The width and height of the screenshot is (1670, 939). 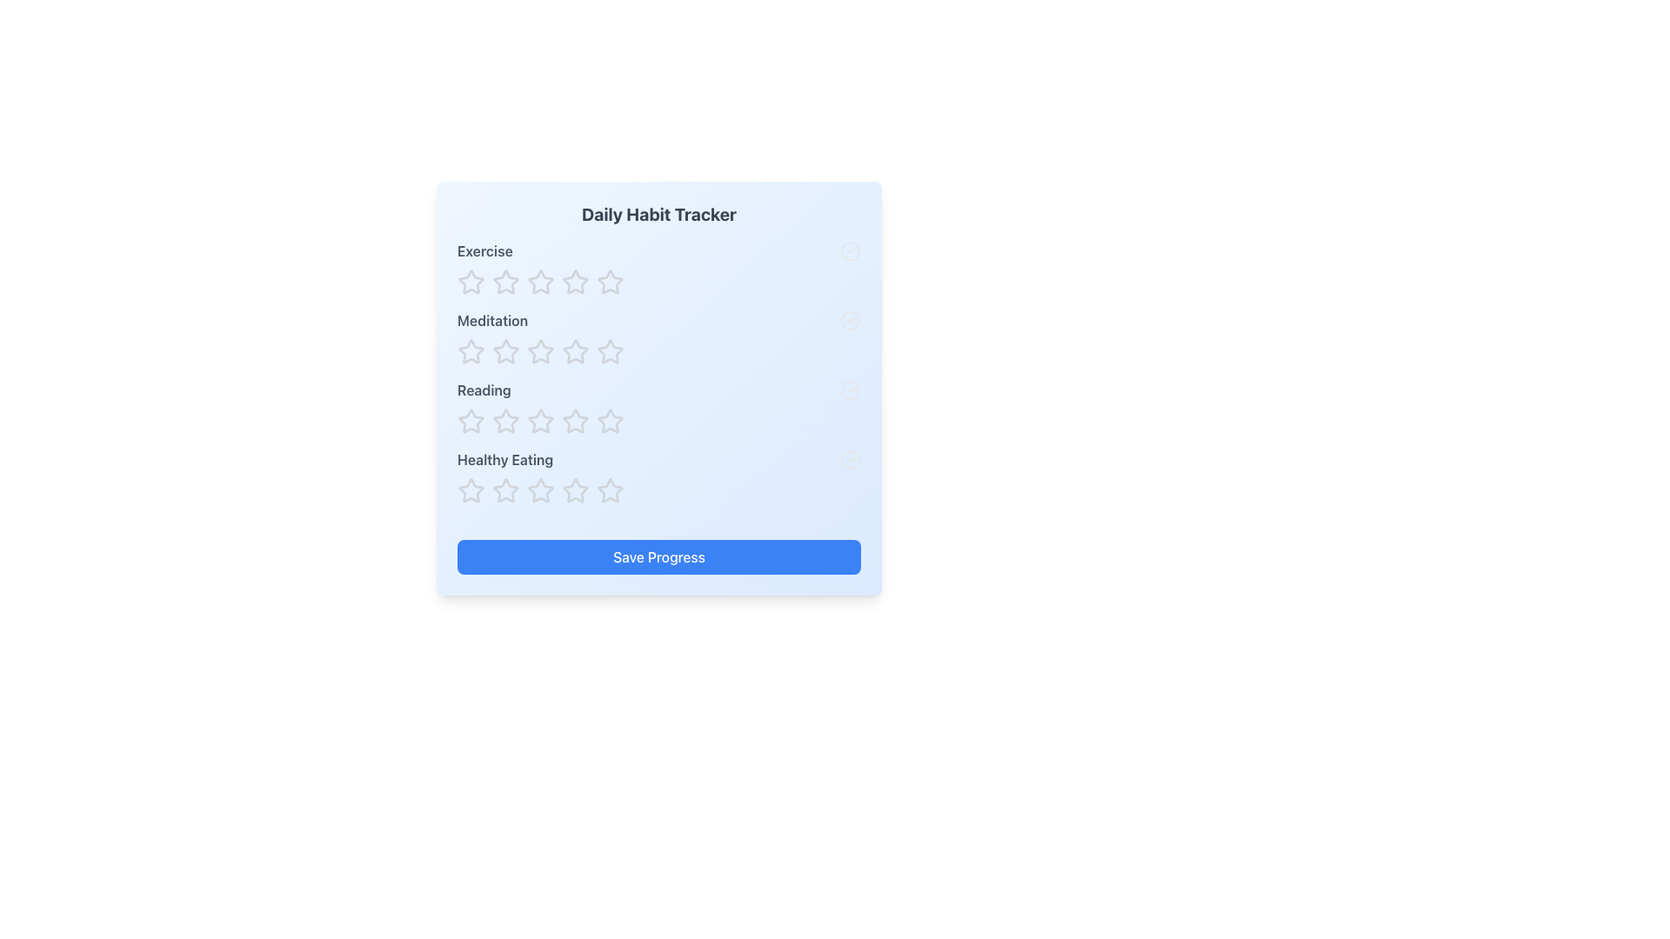 I want to click on the bold gray text label 'Reading' located in the light blue panel 'Daily Habit Tracker', which is the leftmost item in a horizontal alignment of elements, so click(x=484, y=389).